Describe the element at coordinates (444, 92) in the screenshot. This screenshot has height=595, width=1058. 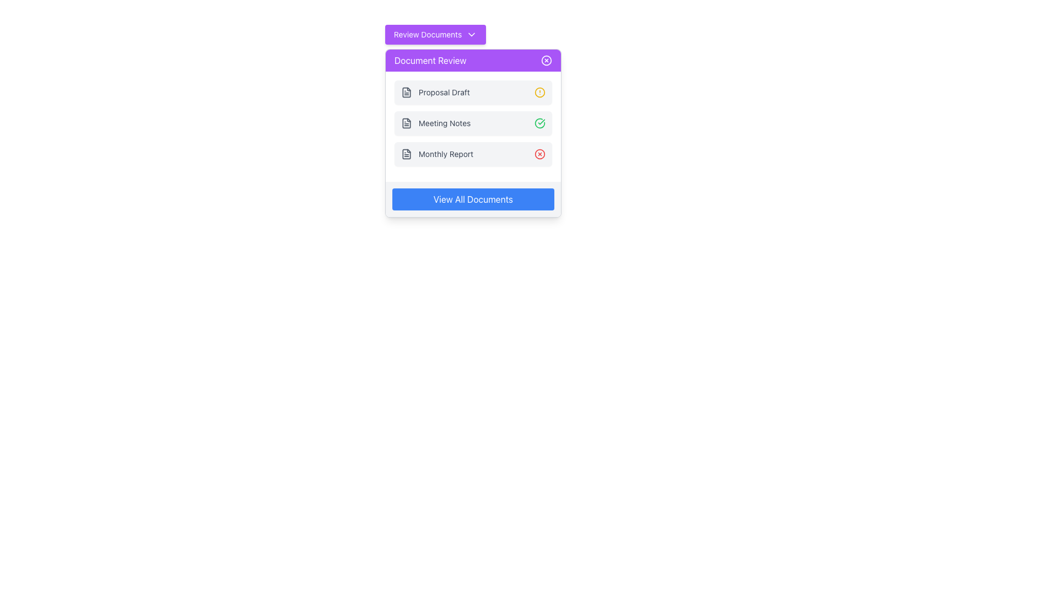
I see `the text label describing the first document in the 'Document Review' list` at that location.